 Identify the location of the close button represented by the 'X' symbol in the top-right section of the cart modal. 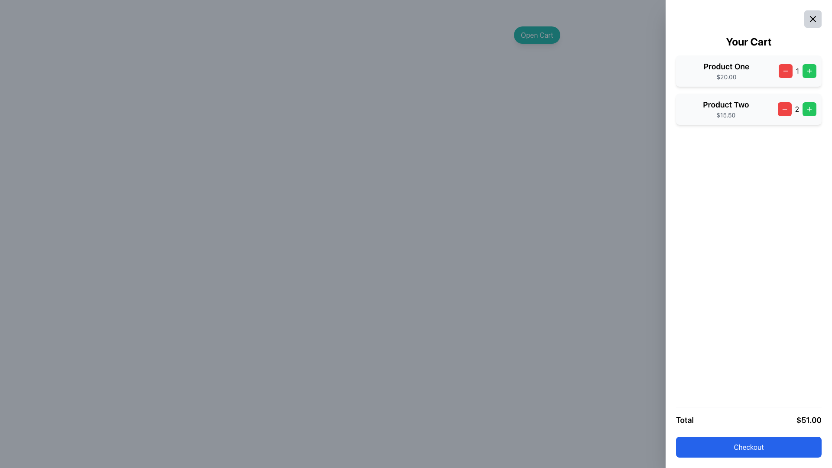
(812, 19).